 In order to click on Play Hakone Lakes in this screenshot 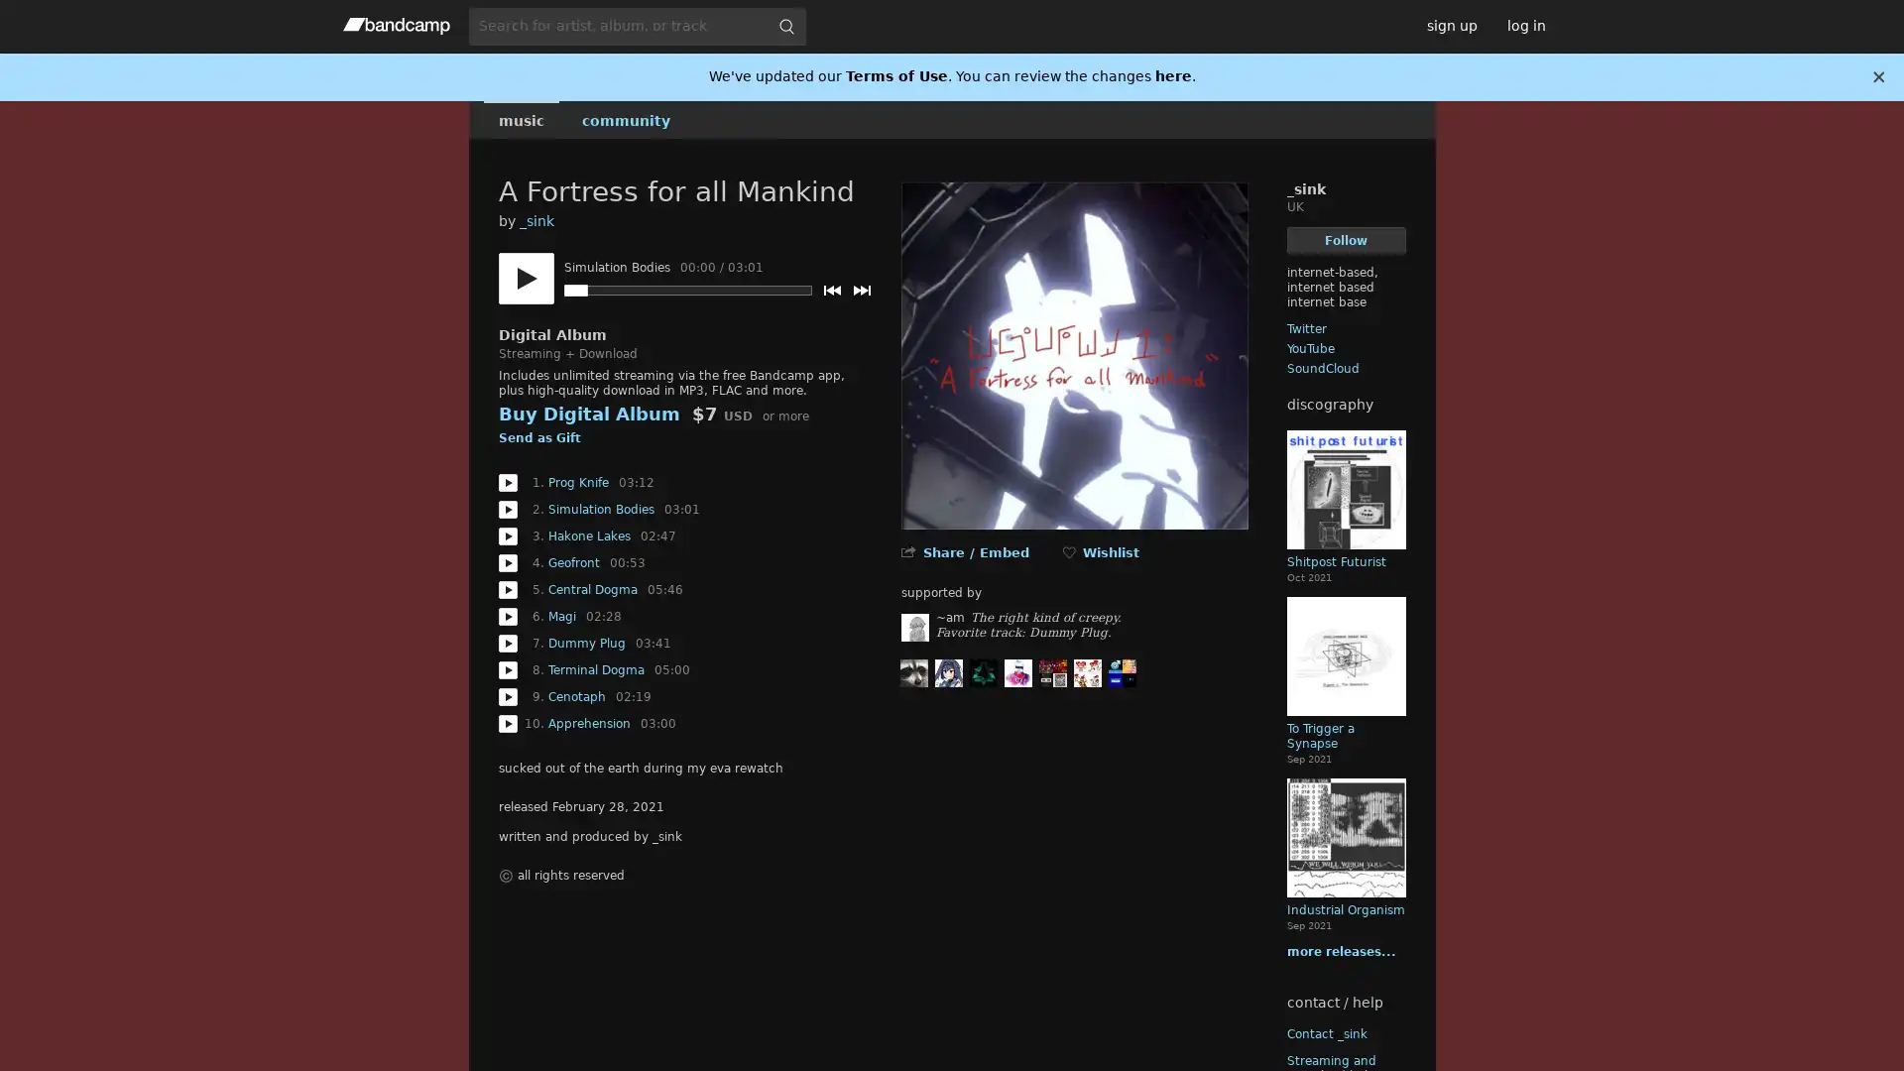, I will do `click(507, 535)`.